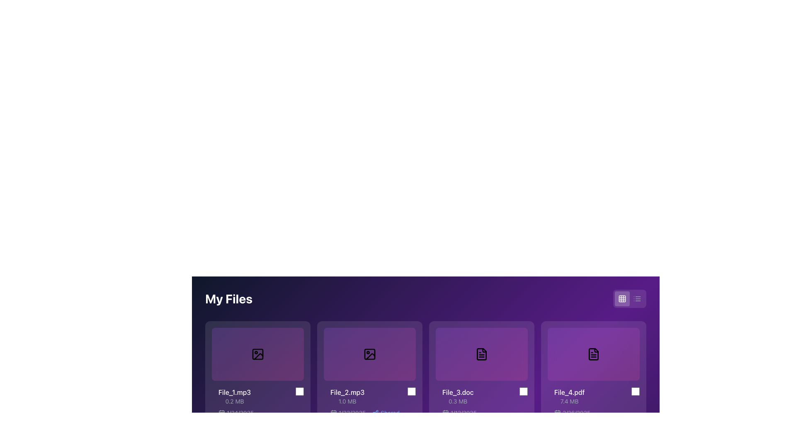  Describe the element at coordinates (347, 396) in the screenshot. I see `the text label displaying file information located below the generic file image in the 'My Files' section` at that location.